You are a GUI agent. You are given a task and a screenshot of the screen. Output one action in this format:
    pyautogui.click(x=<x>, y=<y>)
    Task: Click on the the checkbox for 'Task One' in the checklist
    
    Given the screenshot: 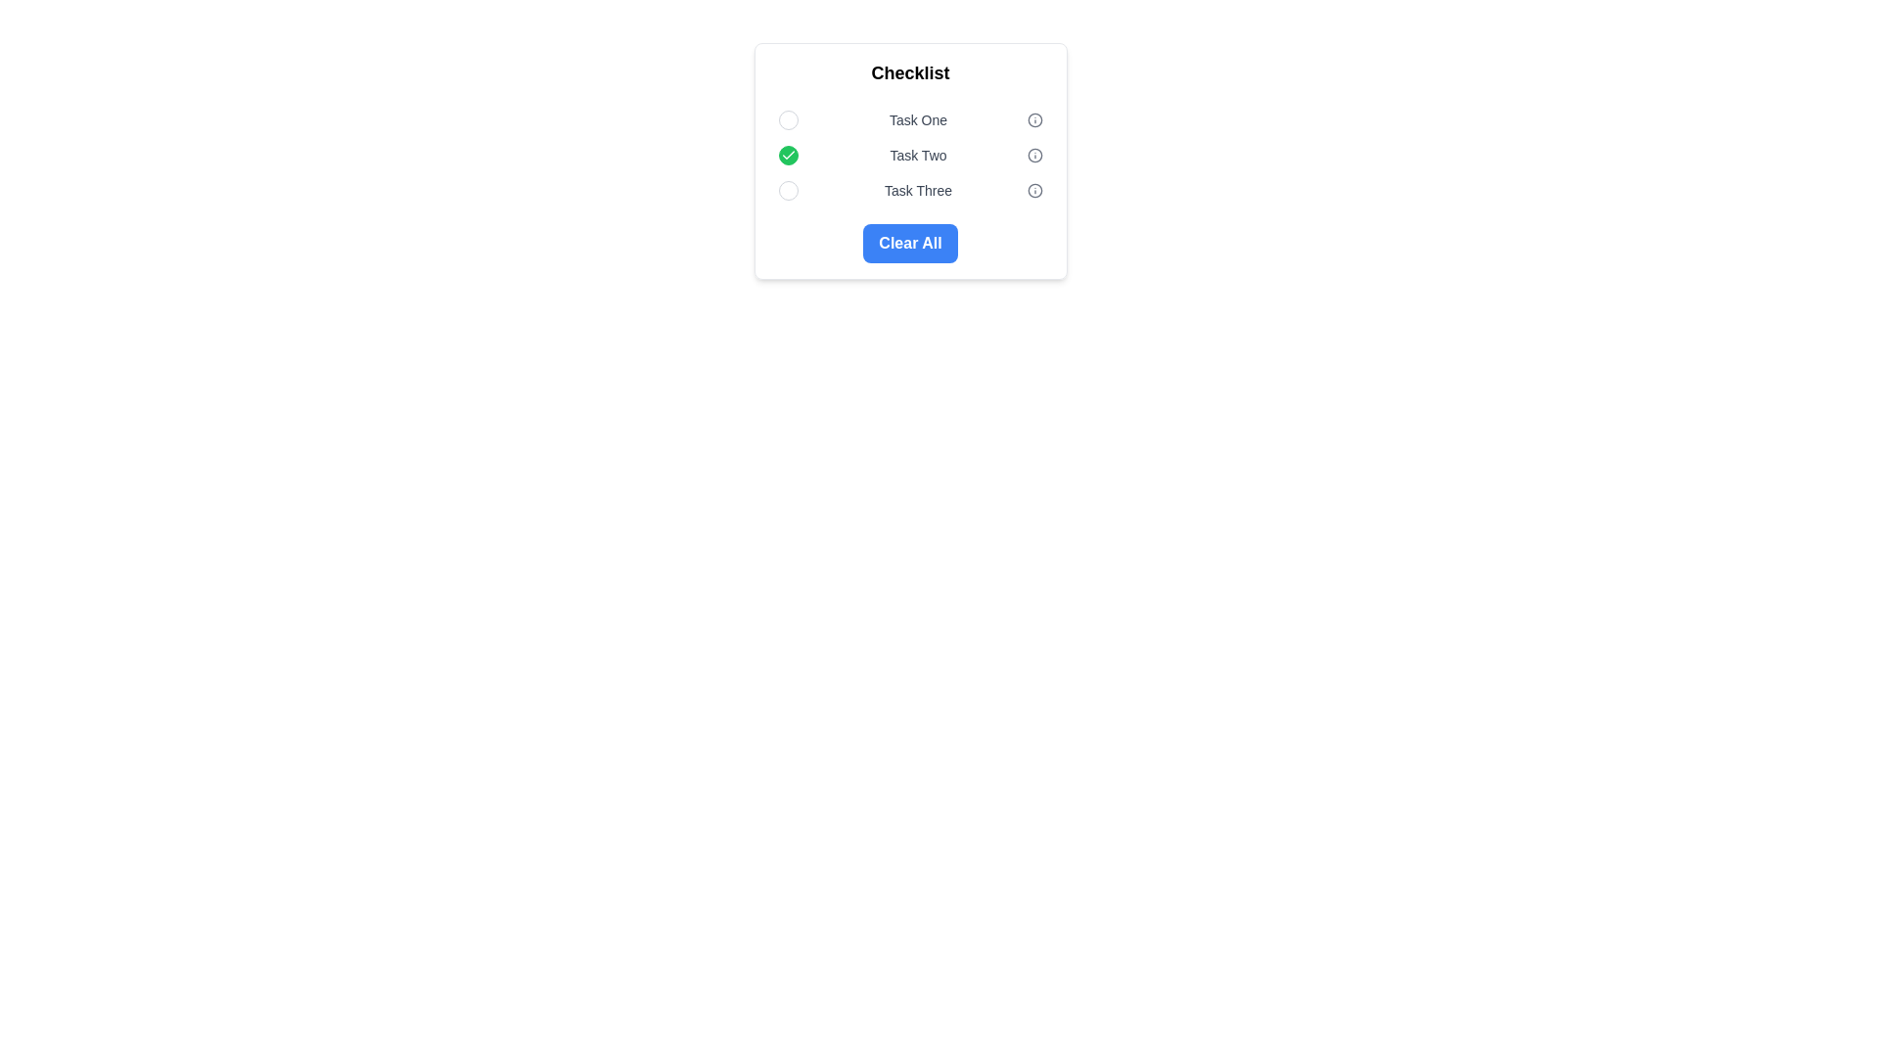 What is the action you would take?
    pyautogui.click(x=788, y=120)
    